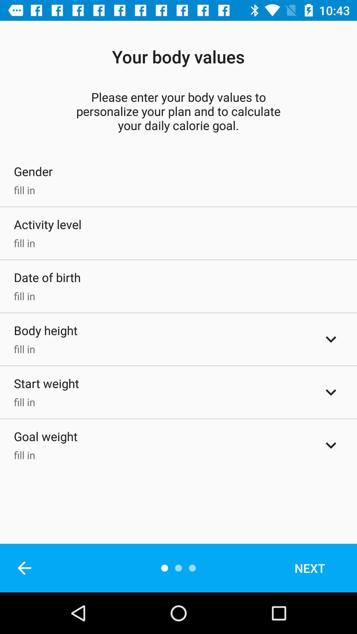 Image resolution: width=357 pixels, height=634 pixels. I want to click on options, so click(331, 392).